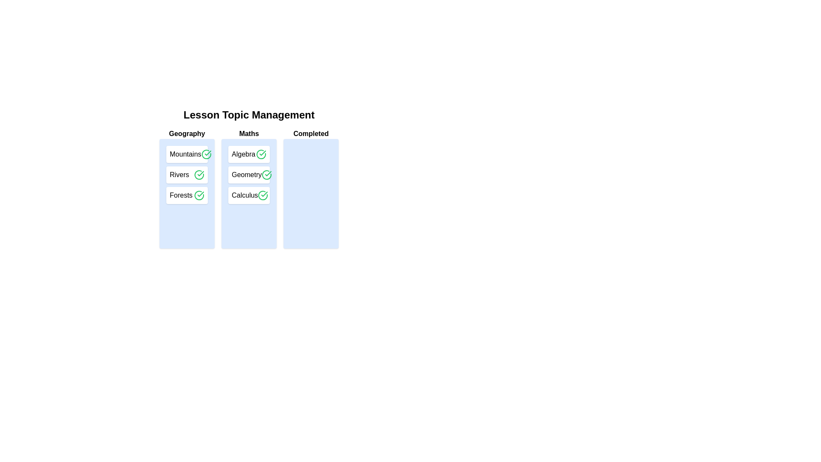  I want to click on checkmark button next to the topic Algebra to transfer it to the 'Completed' list, so click(260, 154).